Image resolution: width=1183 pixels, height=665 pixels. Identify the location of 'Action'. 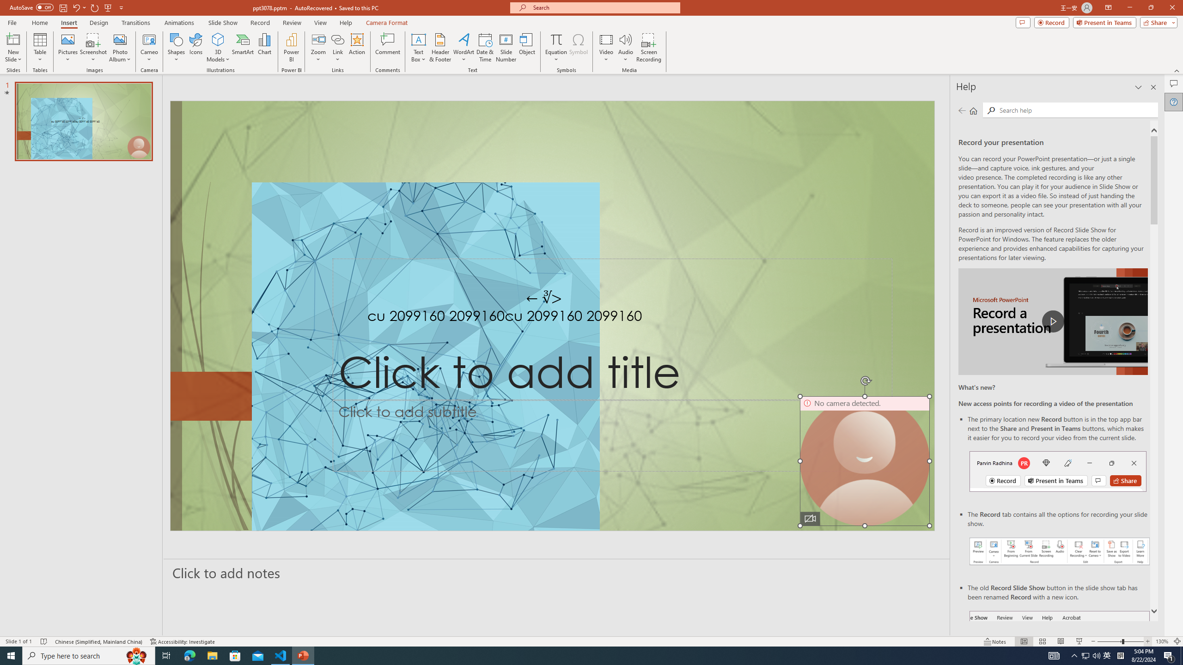
(357, 48).